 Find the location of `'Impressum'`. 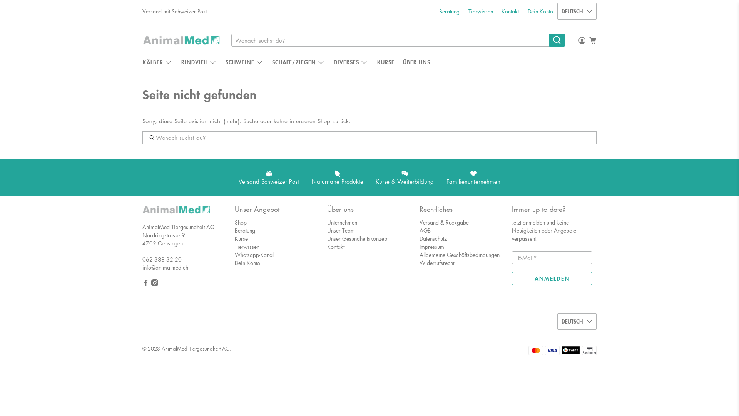

'Impressum' is located at coordinates (419, 247).